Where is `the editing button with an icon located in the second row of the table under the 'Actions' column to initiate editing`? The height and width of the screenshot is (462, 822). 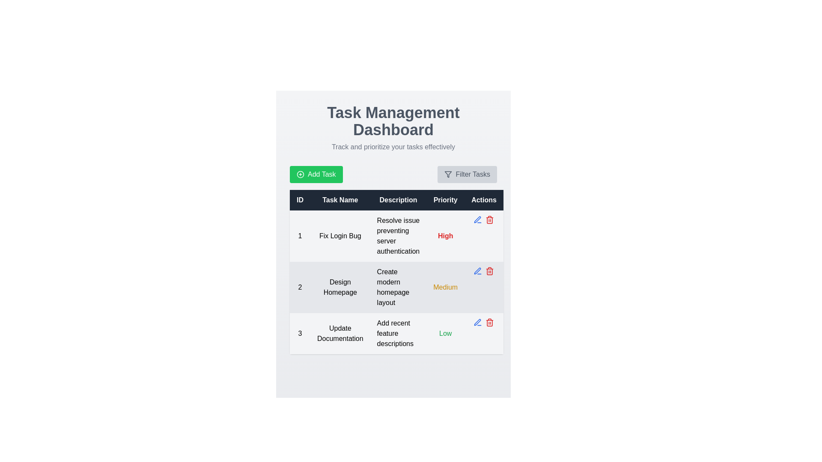 the editing button with an icon located in the second row of the table under the 'Actions' column to initiate editing is located at coordinates (477, 219).